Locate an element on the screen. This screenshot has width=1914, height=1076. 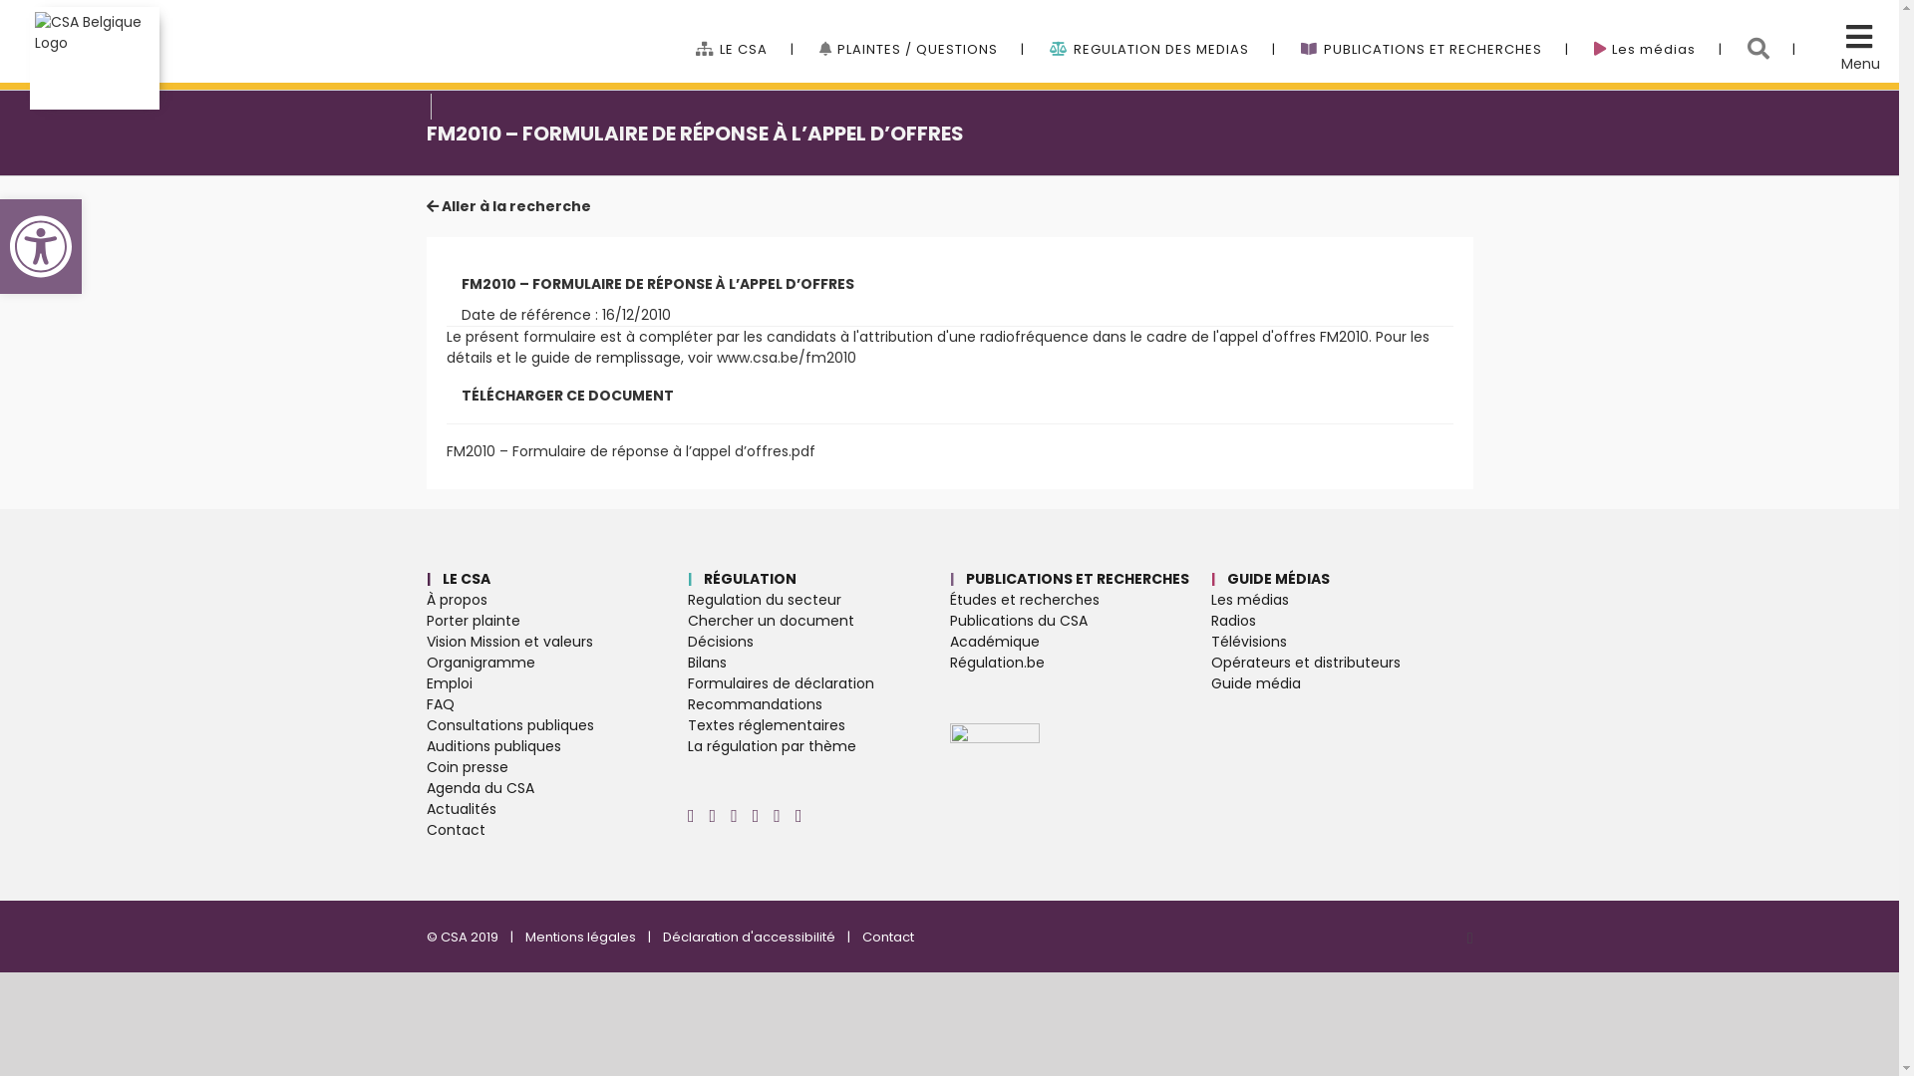
'Emploi' is located at coordinates (425, 682).